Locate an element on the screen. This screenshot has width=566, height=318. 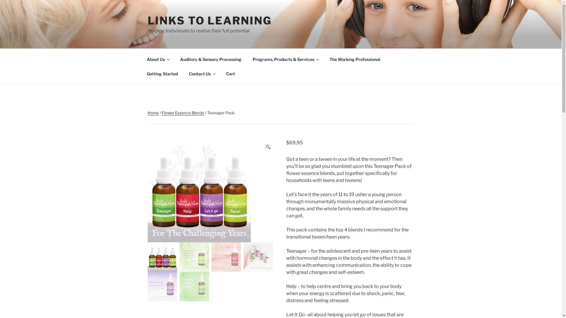
'Contact Us' is located at coordinates (184, 73).